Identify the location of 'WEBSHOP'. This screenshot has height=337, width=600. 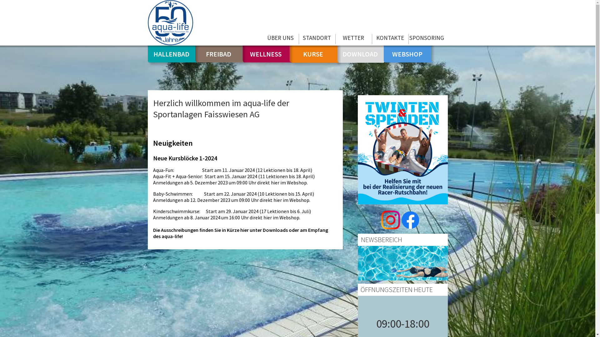
(407, 54).